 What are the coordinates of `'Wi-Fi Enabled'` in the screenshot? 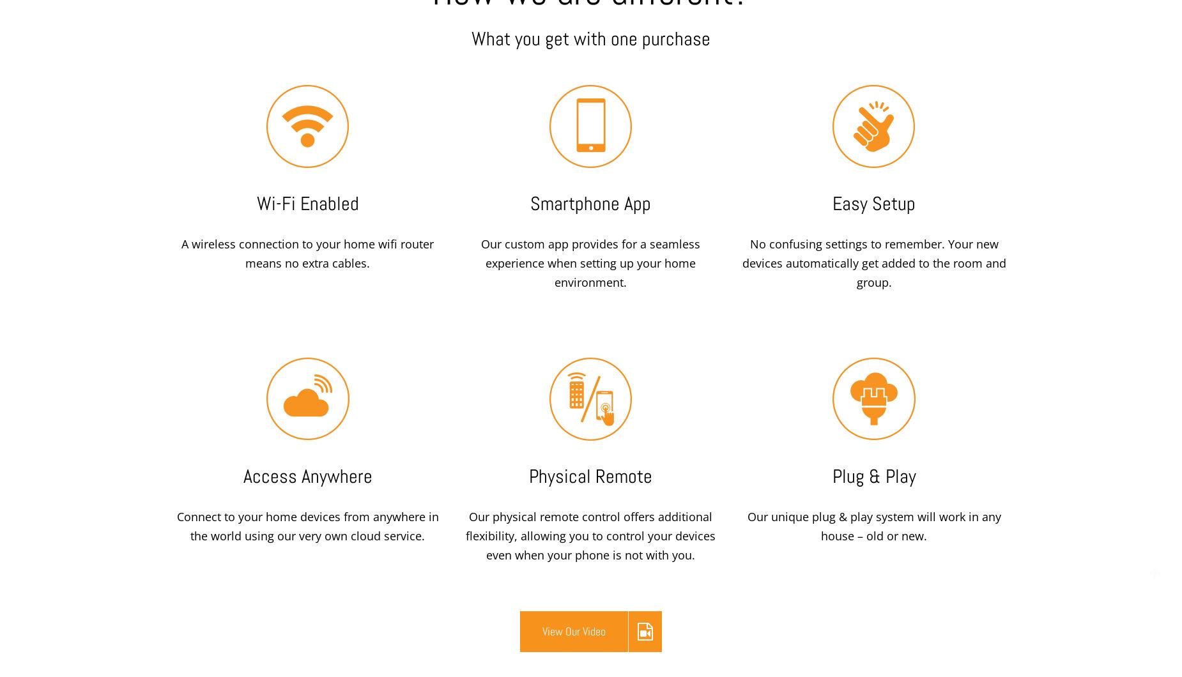 It's located at (256, 203).